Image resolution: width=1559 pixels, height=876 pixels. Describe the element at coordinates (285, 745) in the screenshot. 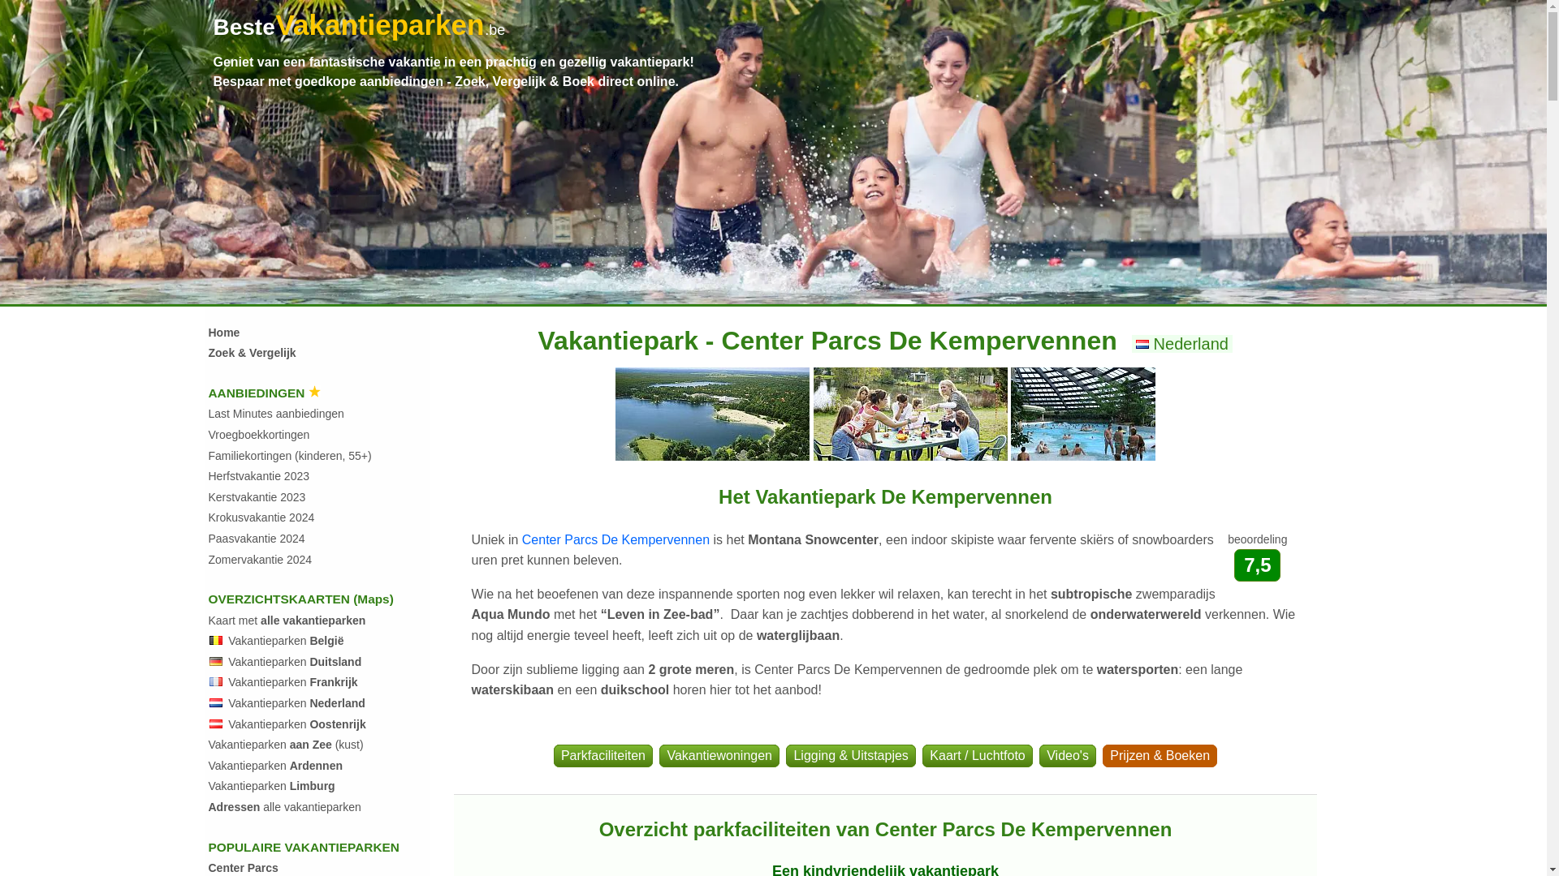

I see `'Vakantieparken aan Zee (kust)'` at that location.